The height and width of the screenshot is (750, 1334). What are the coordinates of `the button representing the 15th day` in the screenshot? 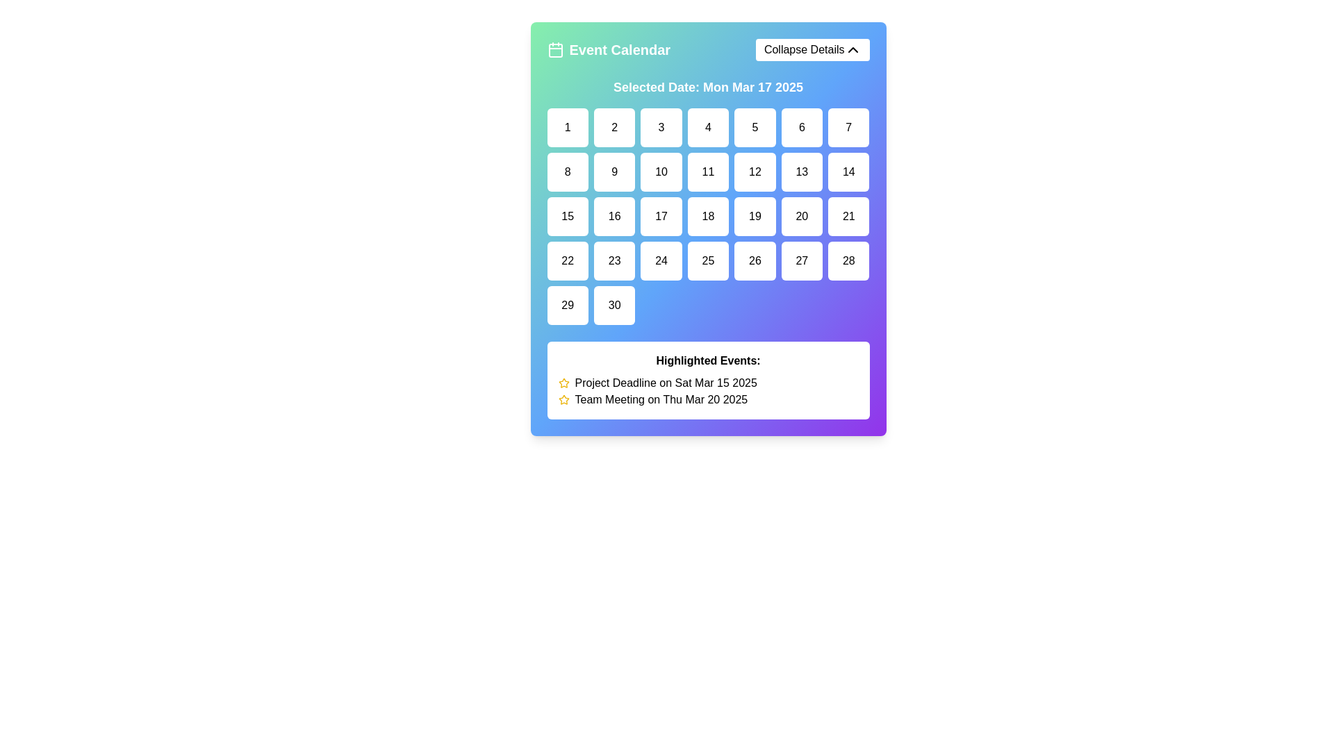 It's located at (568, 217).